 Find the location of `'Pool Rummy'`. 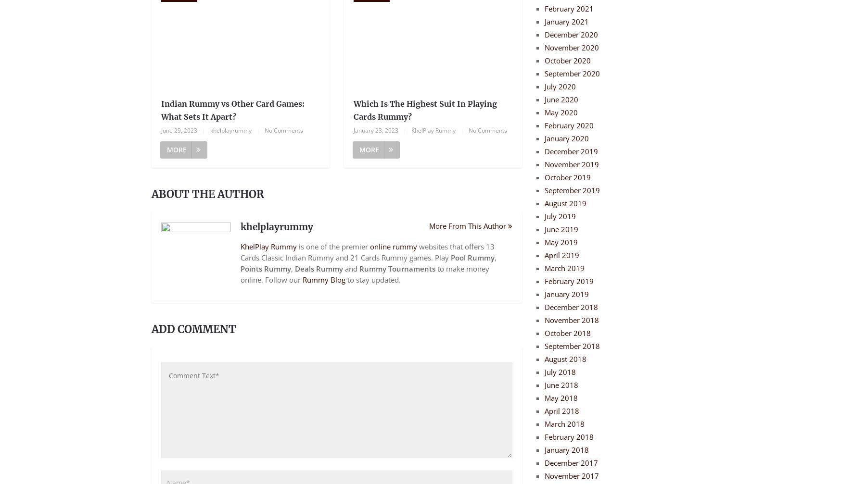

'Pool Rummy' is located at coordinates (450, 257).